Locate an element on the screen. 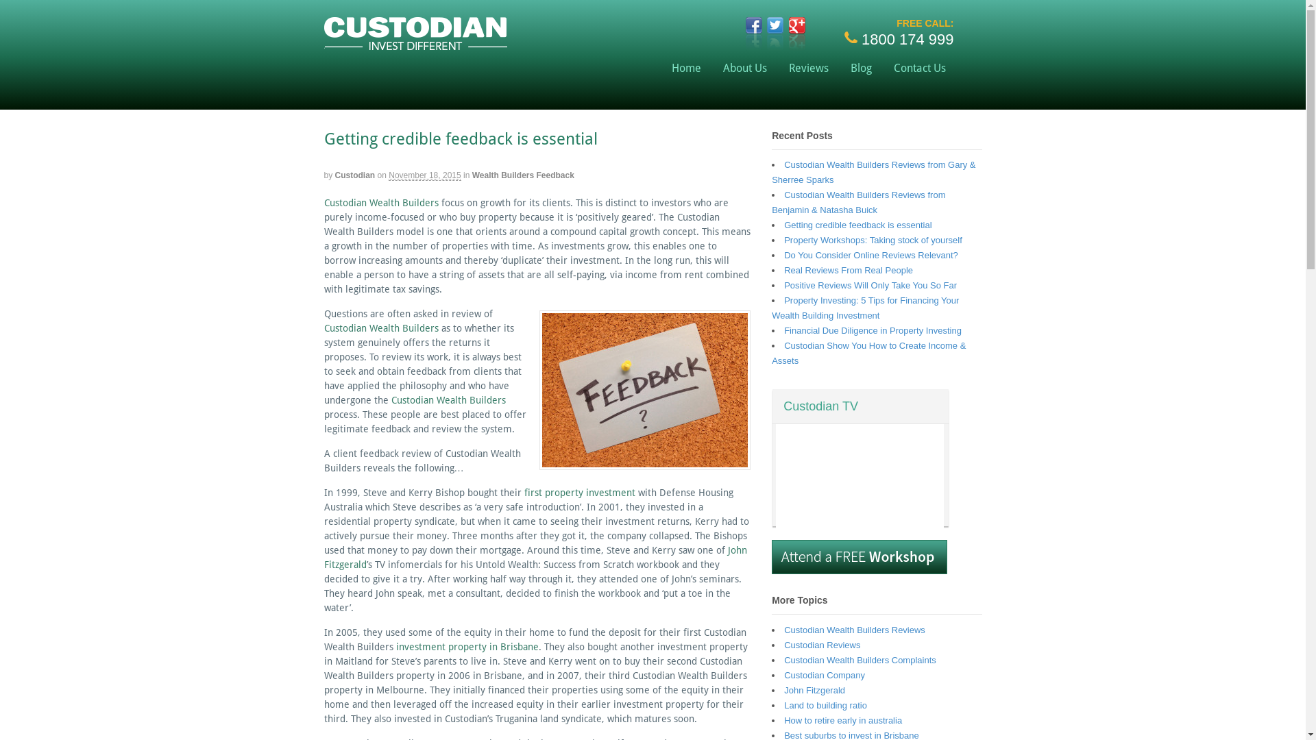  'Property Investment' is located at coordinates (414, 43).